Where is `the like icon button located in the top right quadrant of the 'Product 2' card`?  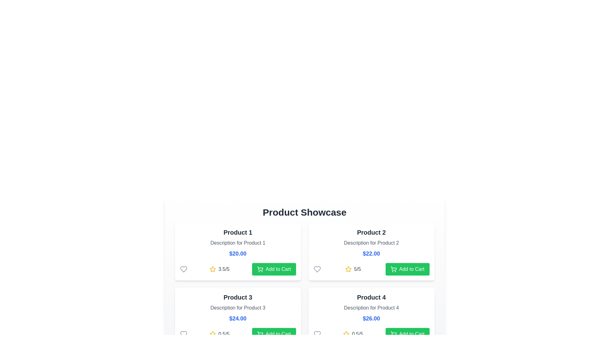
the like icon button located in the top right quadrant of the 'Product 2' card is located at coordinates (317, 269).